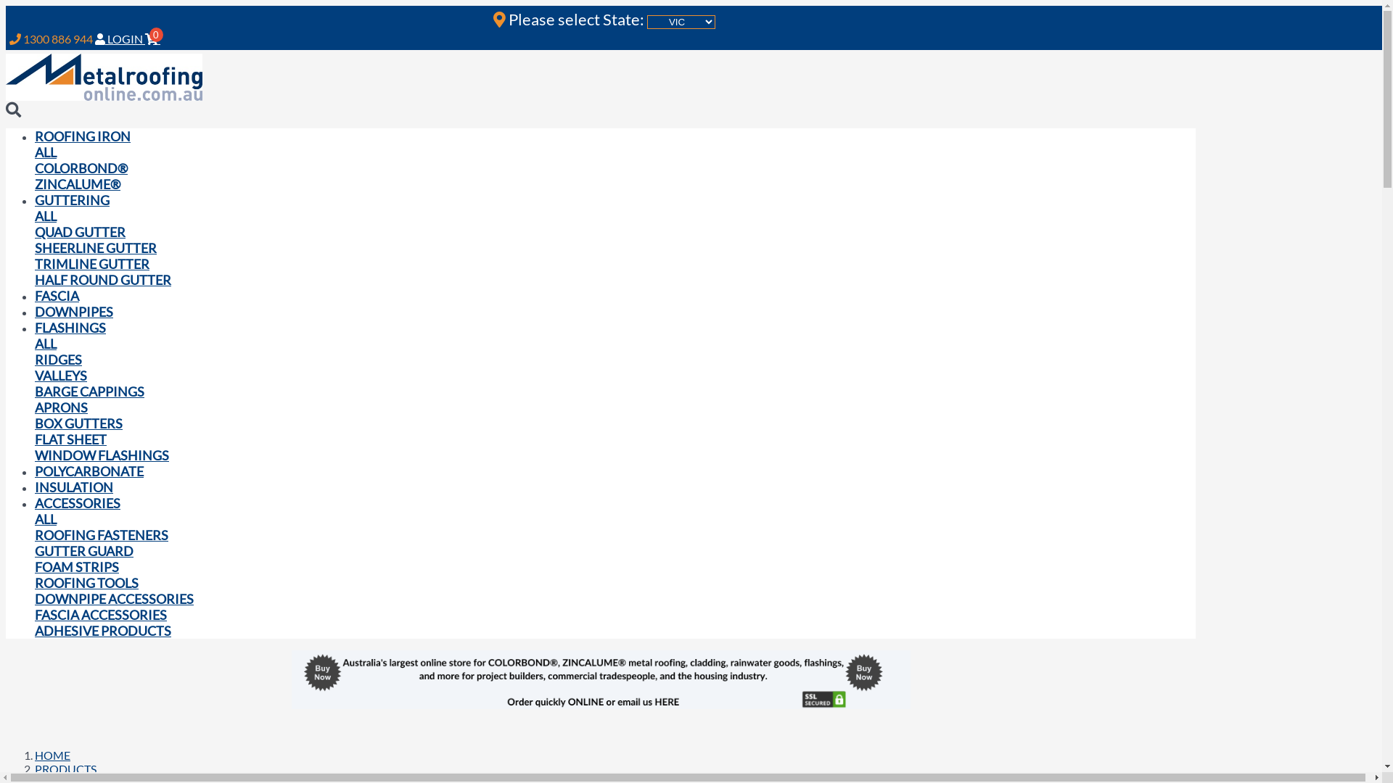 The image size is (1393, 783). I want to click on 'GUTTERING', so click(35, 200).